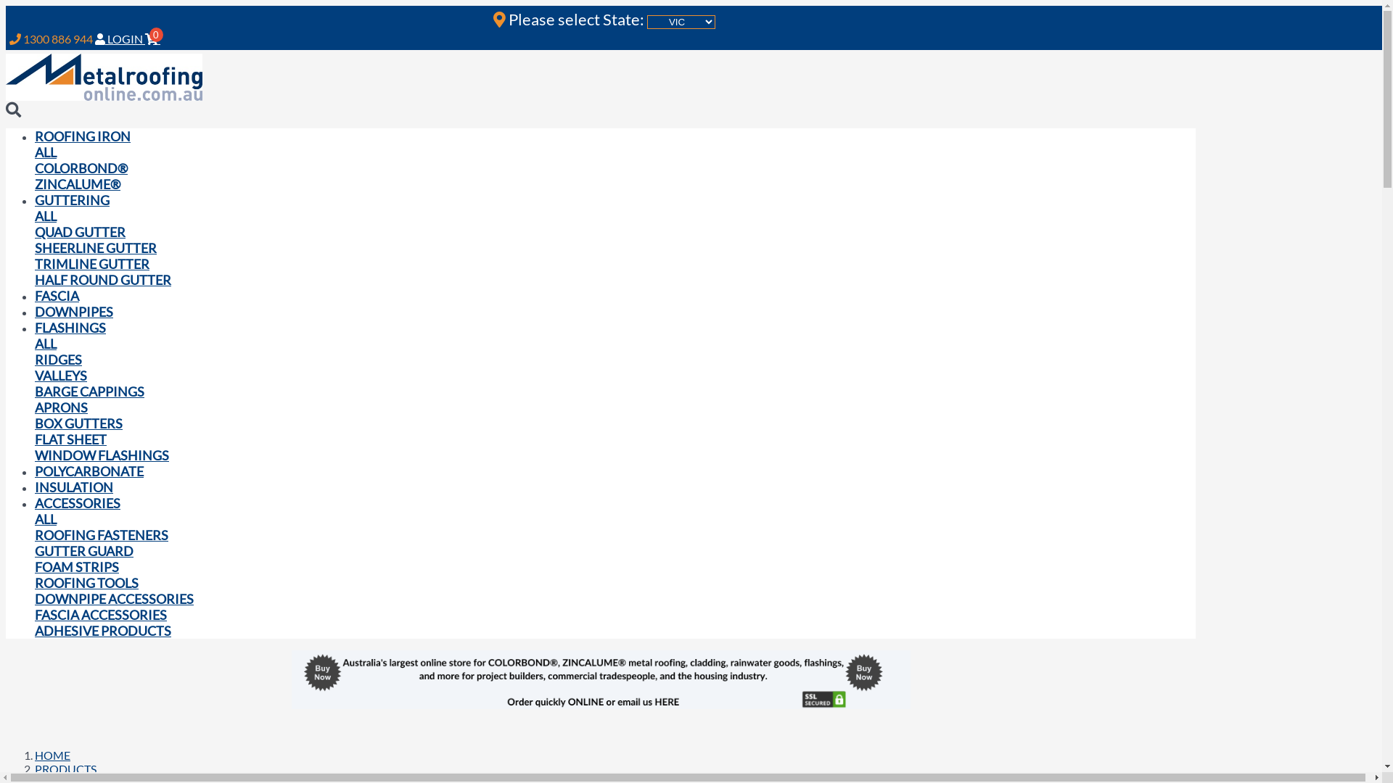 The image size is (1393, 783). I want to click on 'GUTTERING', so click(35, 200).